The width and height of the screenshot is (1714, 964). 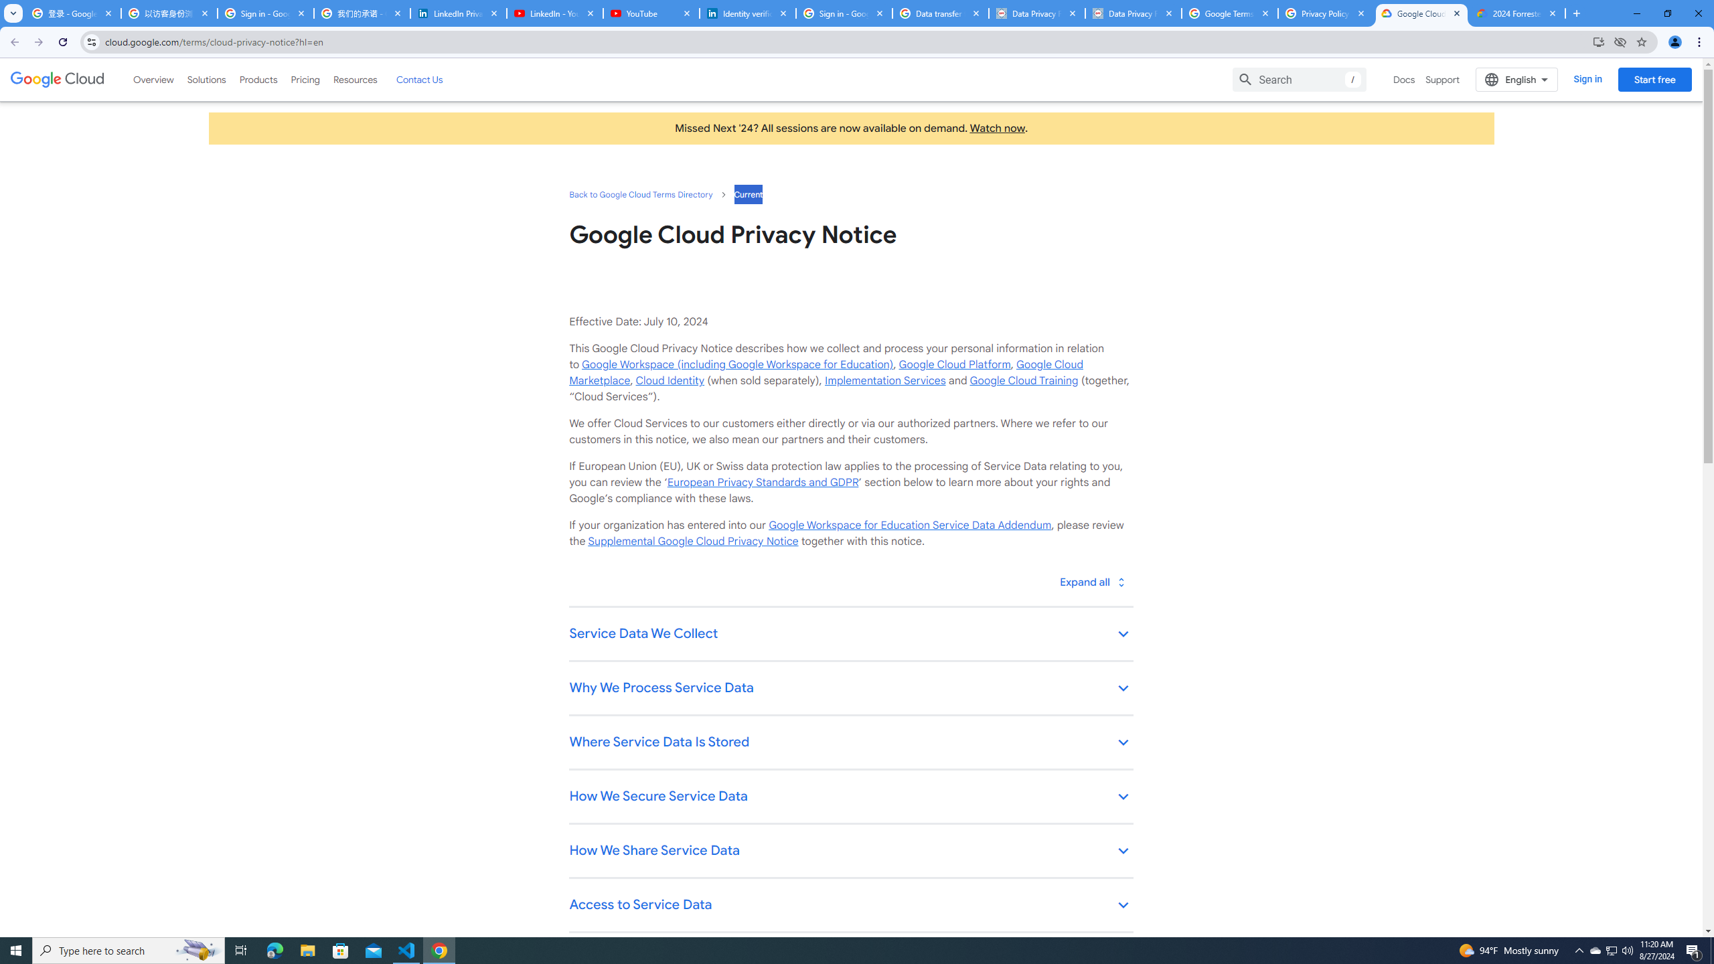 I want to click on 'LinkedIn - YouTube', so click(x=554, y=13).